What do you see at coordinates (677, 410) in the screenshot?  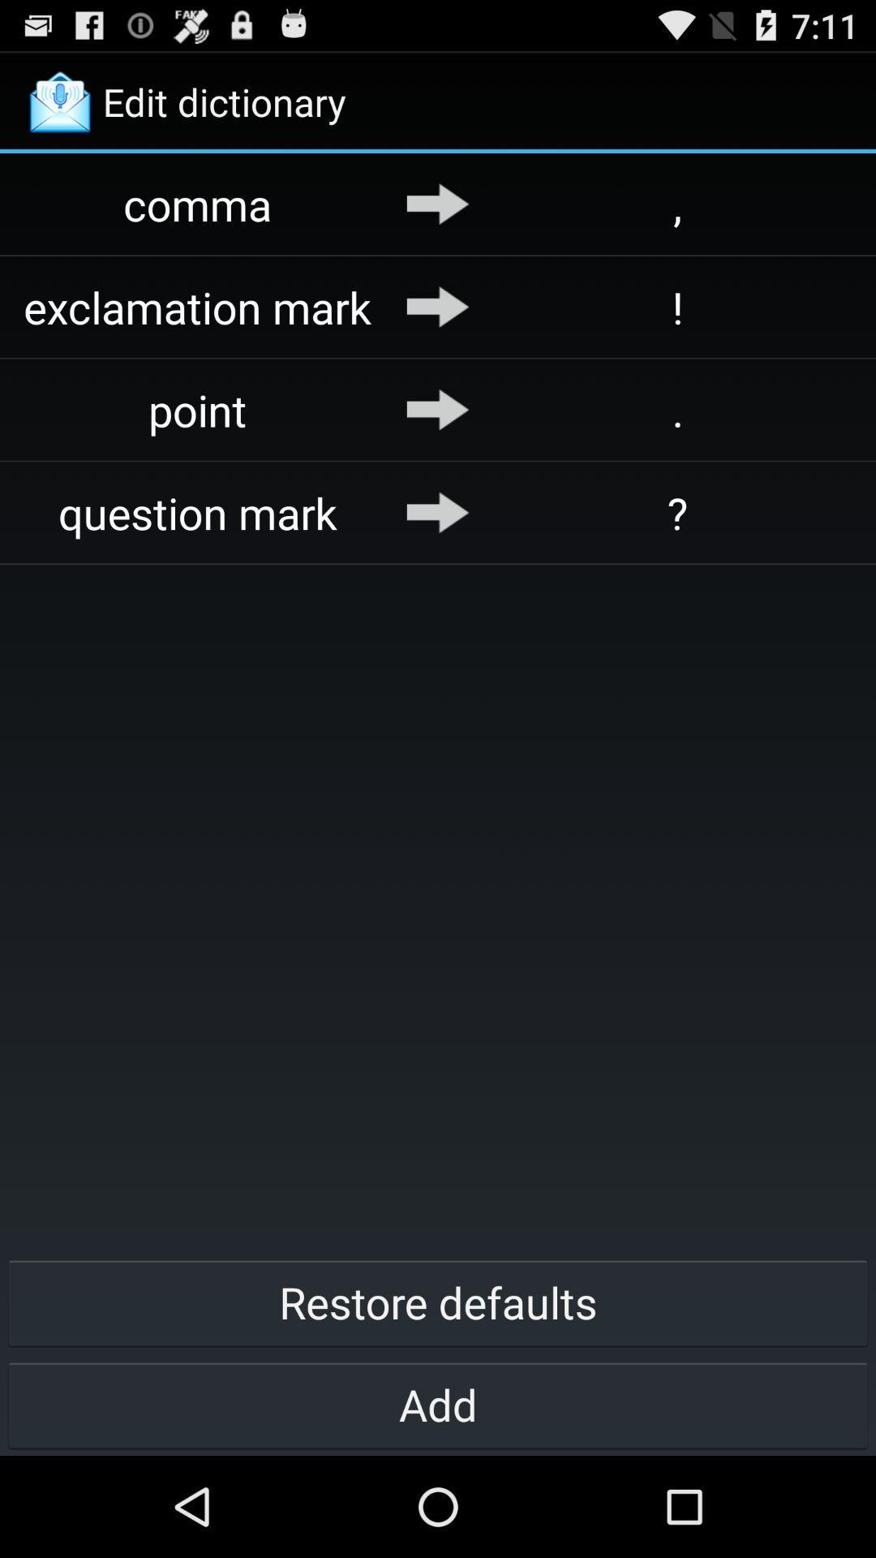 I see `icon below ! app` at bounding box center [677, 410].